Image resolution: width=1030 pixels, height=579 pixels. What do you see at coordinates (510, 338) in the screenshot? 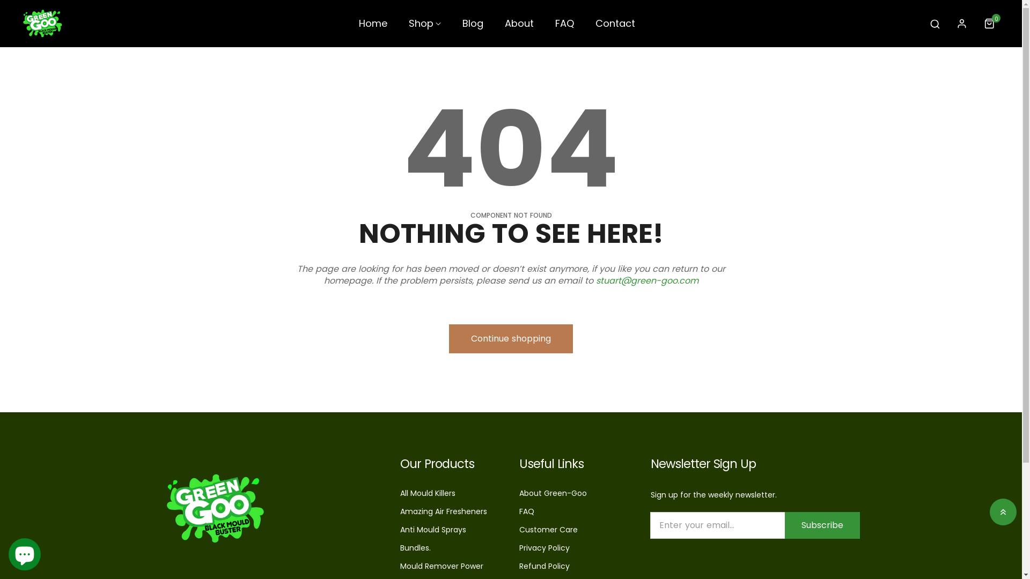
I see `'Continue shopping'` at bounding box center [510, 338].